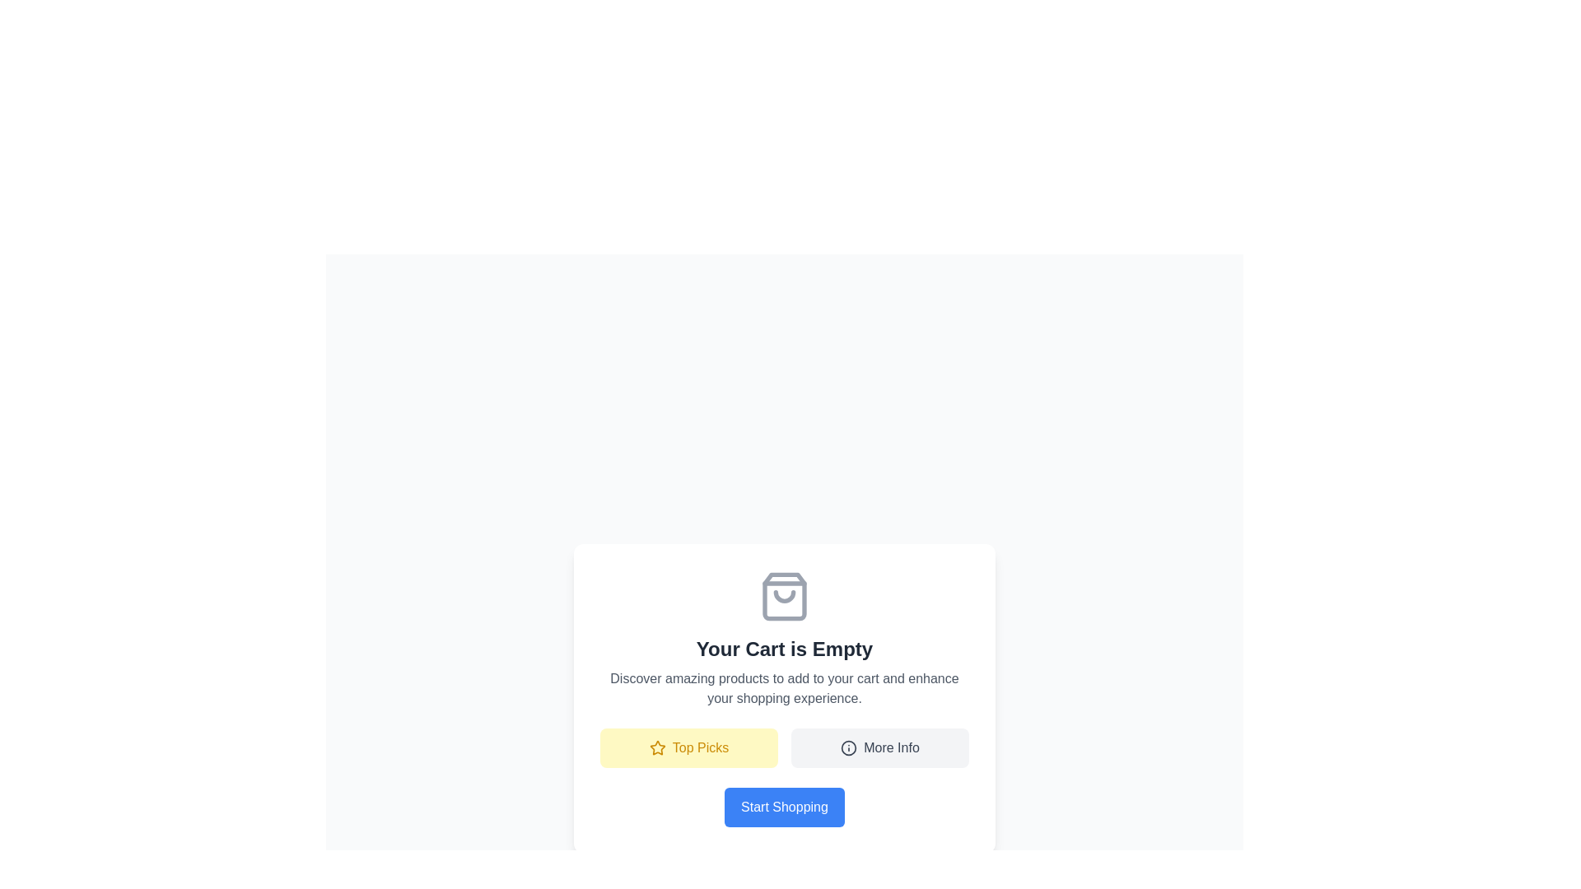 The height and width of the screenshot is (889, 1581). Describe the element at coordinates (849, 748) in the screenshot. I see `the information icon located within the 'More Info' button` at that location.